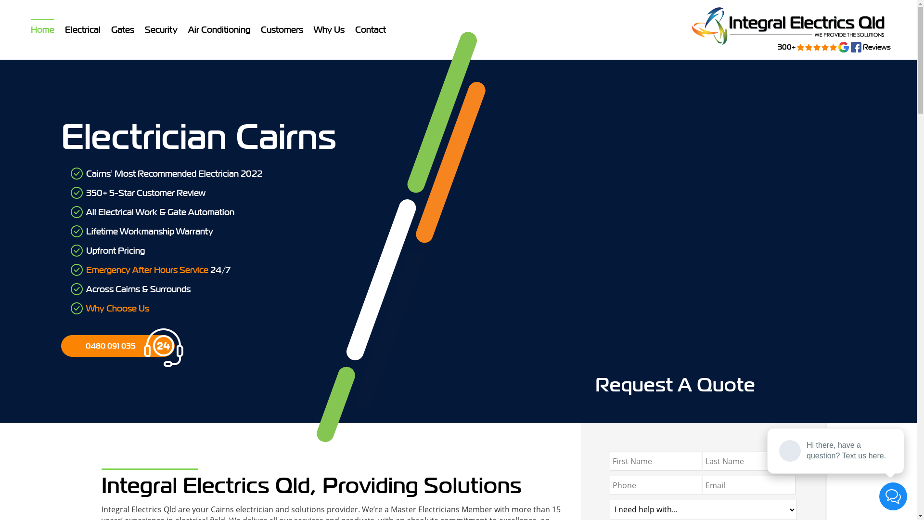 Image resolution: width=924 pixels, height=520 pixels. What do you see at coordinates (117, 345) in the screenshot?
I see `'0480 091 035'` at bounding box center [117, 345].